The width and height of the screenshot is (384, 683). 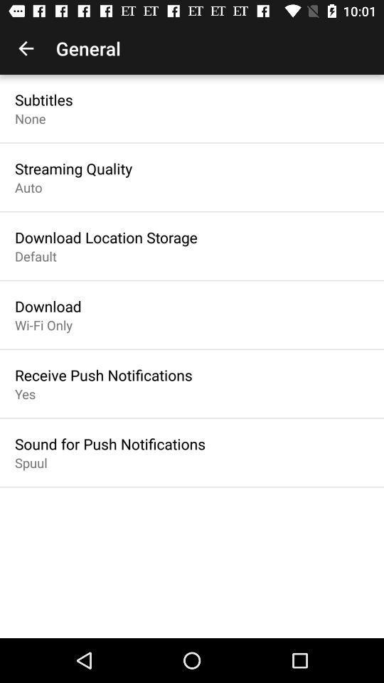 I want to click on the none icon, so click(x=30, y=117).